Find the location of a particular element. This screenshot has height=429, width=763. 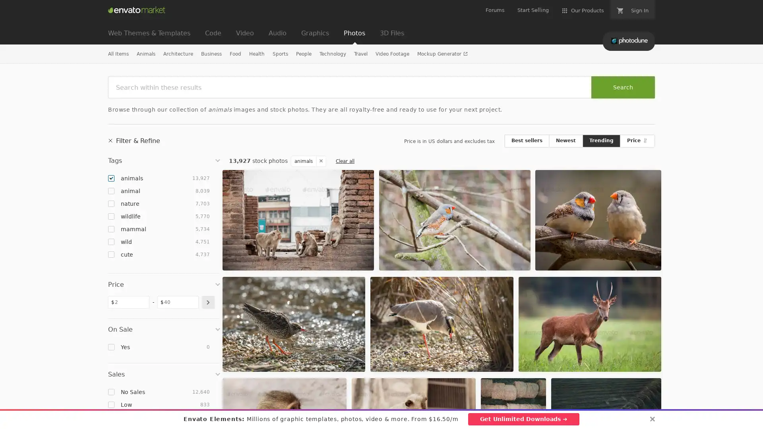

Add to Favorites is located at coordinates (354, 286).